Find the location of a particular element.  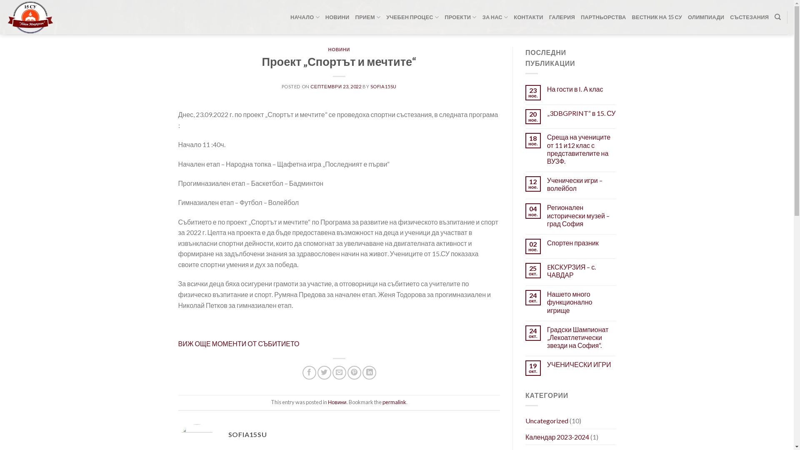

'Uncategorized' is located at coordinates (547, 421).